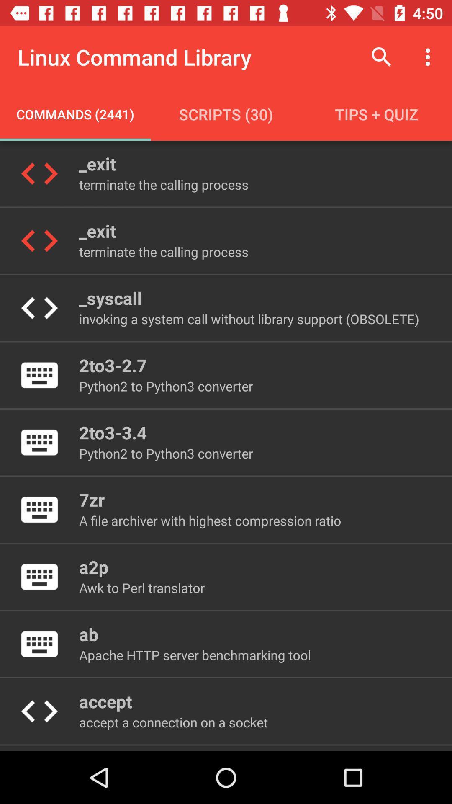 This screenshot has height=804, width=452. I want to click on a file archiver icon, so click(210, 520).